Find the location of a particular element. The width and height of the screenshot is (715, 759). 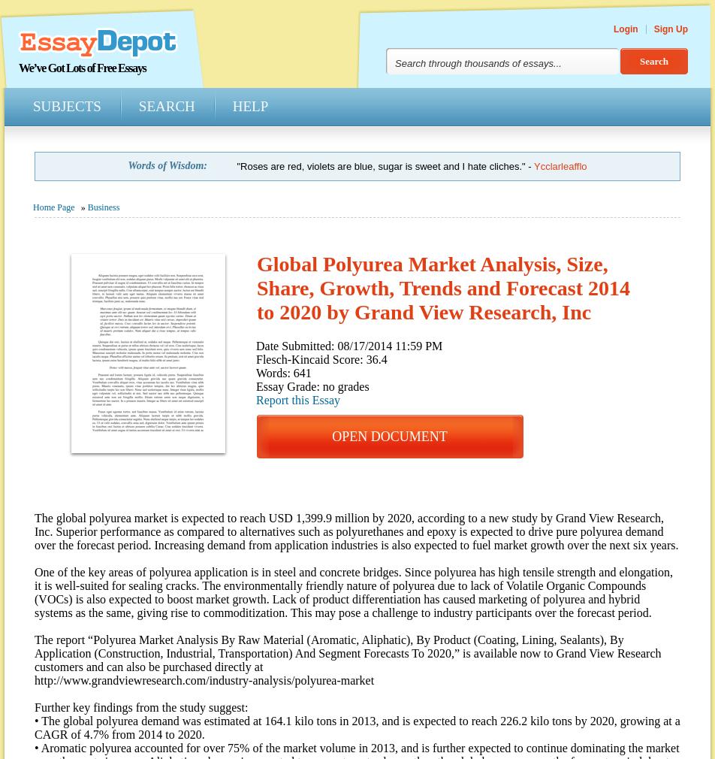

'-' is located at coordinates (529, 165).